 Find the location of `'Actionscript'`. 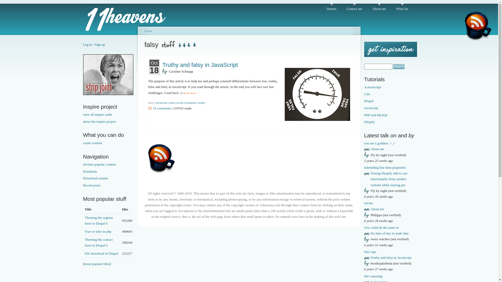

'Actionscript' is located at coordinates (389, 87).